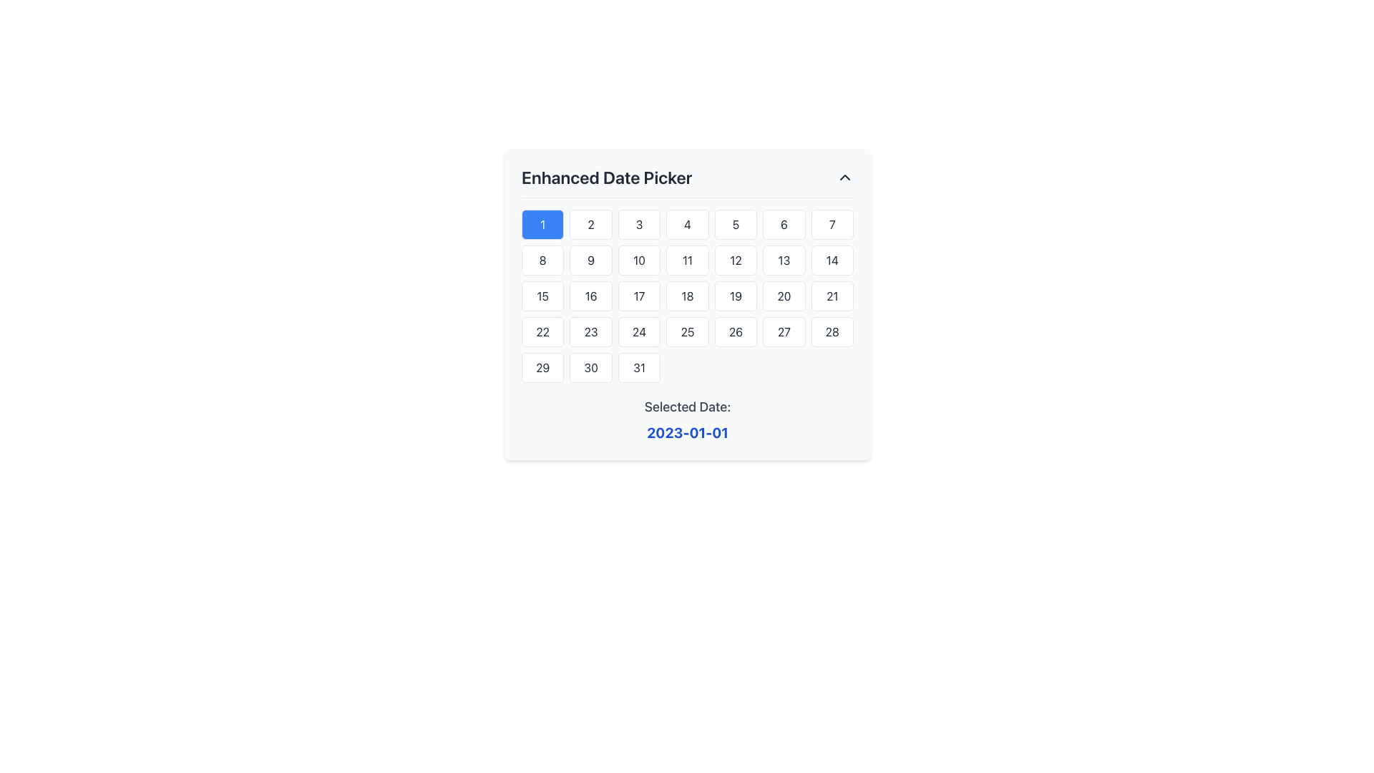 The height and width of the screenshot is (773, 1374). I want to click on the date button in the calendar widget, so click(736, 295).